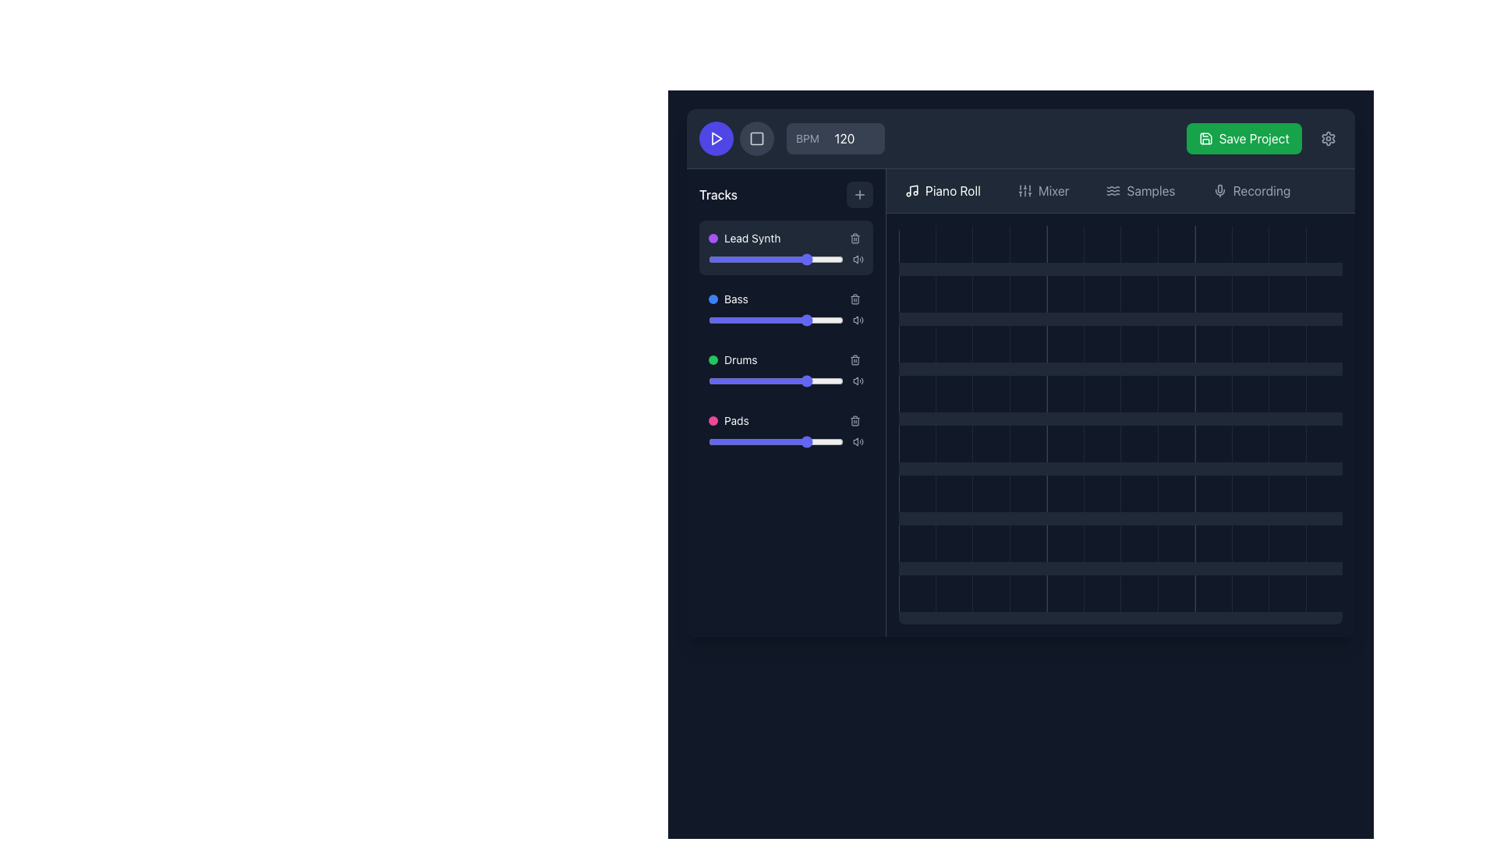  Describe the element at coordinates (848, 360) in the screenshot. I see `the volume for the 'Drums' track` at that location.